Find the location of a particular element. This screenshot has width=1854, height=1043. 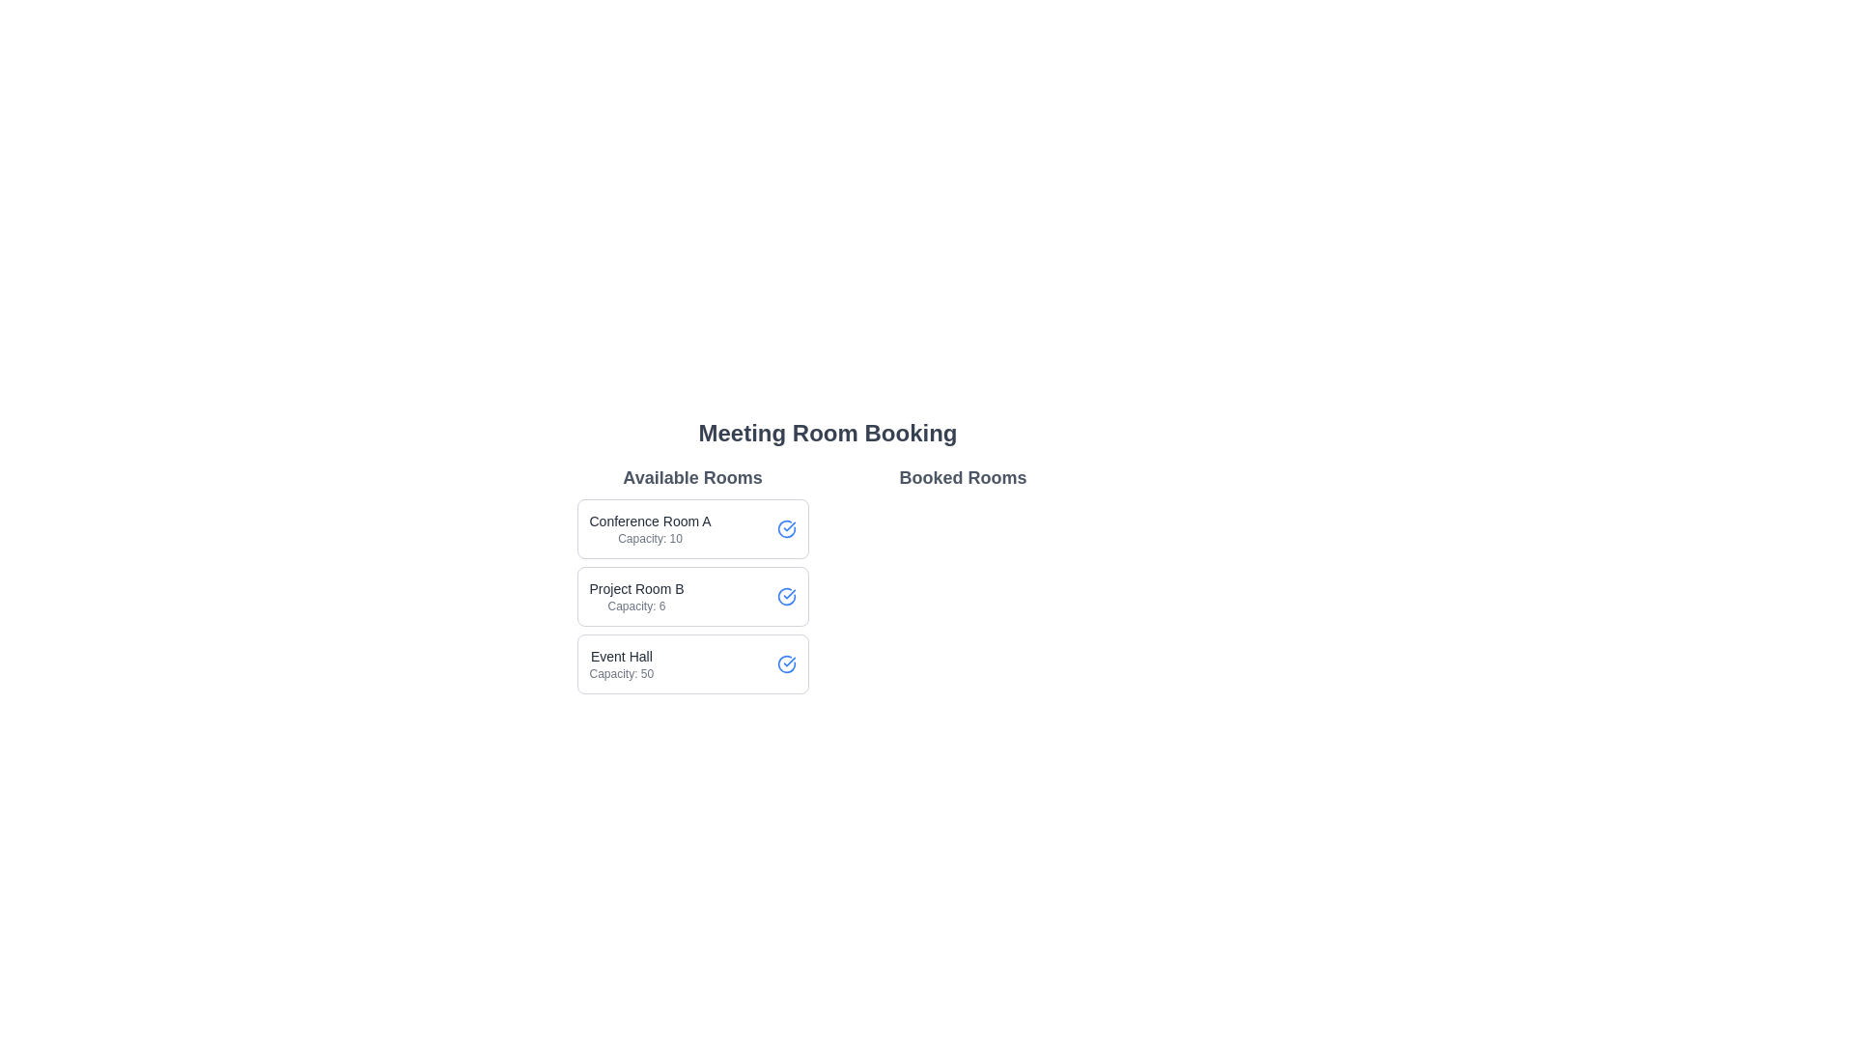

the Circle icon with a checkmark located in the 'Available Rooms' section of the 'Event Hall' room card, which is the third icon on the right side is located at coordinates (786, 662).